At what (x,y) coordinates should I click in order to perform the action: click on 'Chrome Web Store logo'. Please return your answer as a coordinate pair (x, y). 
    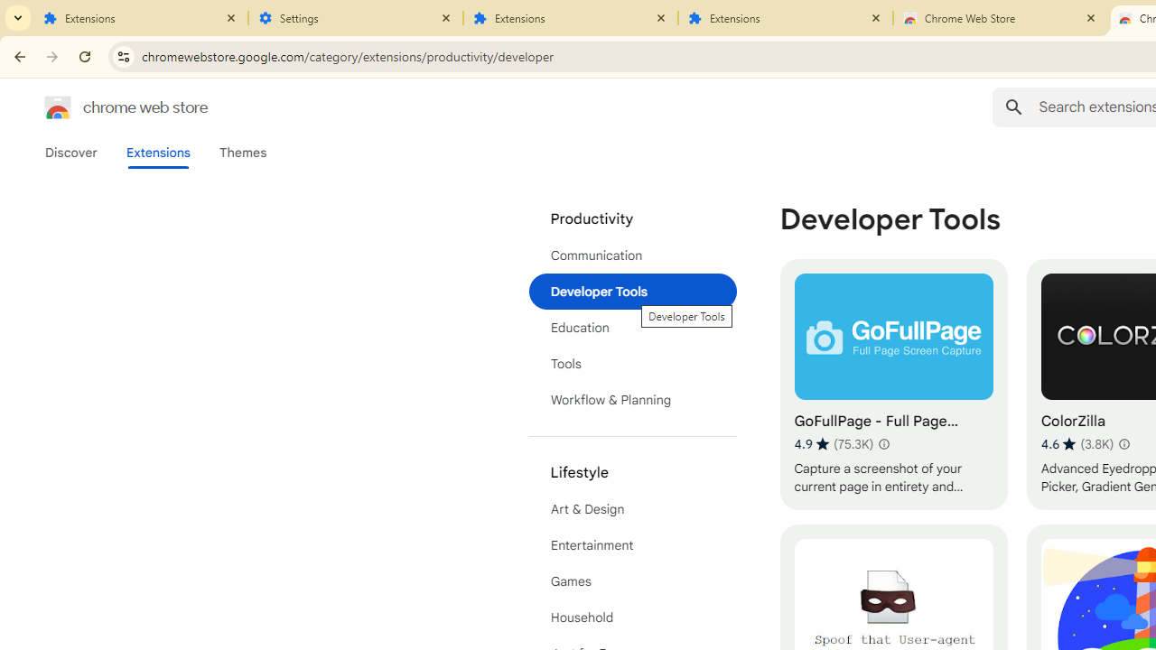
    Looking at the image, I should click on (58, 107).